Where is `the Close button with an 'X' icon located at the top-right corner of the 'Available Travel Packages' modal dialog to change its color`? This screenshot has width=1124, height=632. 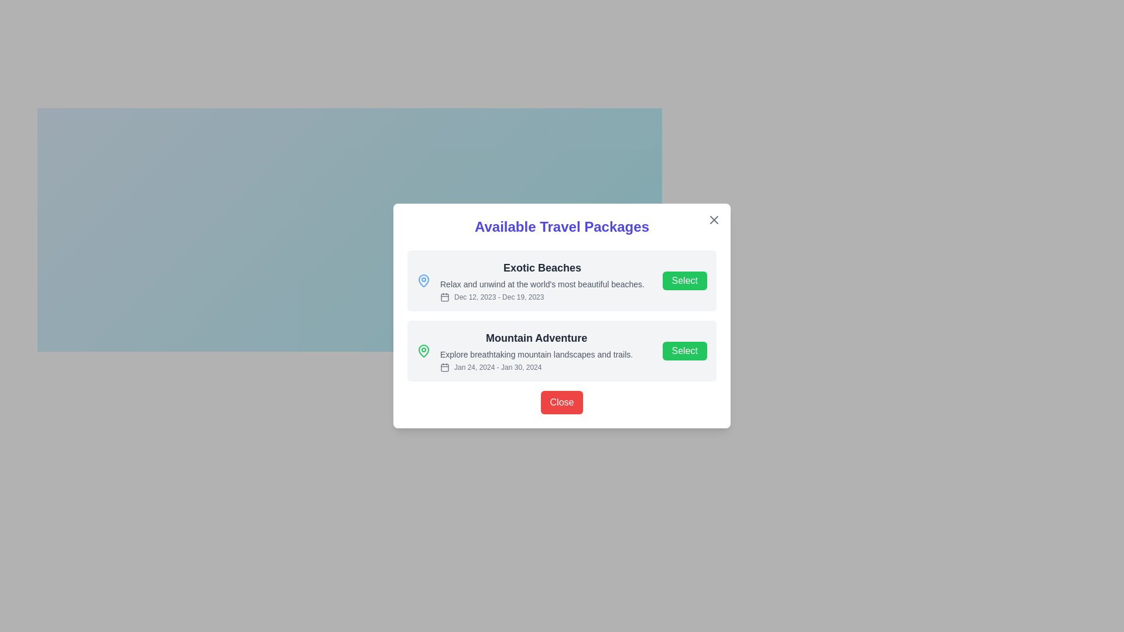 the Close button with an 'X' icon located at the top-right corner of the 'Available Travel Packages' modal dialog to change its color is located at coordinates (713, 219).